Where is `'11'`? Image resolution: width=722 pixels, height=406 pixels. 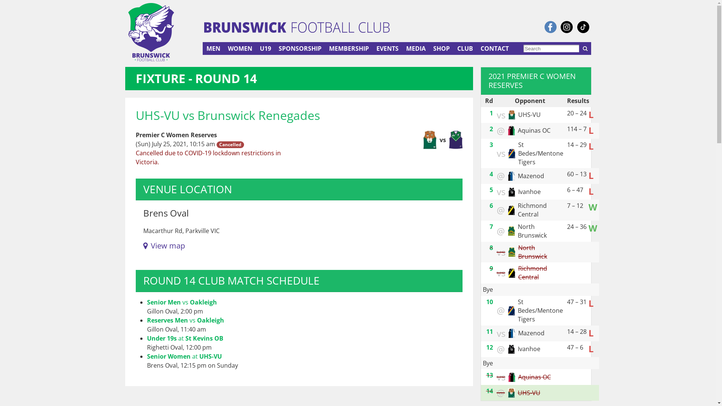 '11' is located at coordinates (489, 330).